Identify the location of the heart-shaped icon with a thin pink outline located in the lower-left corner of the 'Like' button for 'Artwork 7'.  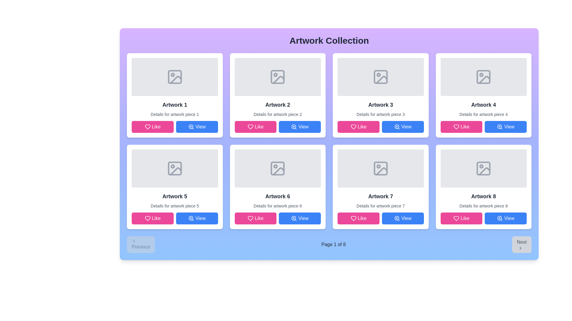
(353, 218).